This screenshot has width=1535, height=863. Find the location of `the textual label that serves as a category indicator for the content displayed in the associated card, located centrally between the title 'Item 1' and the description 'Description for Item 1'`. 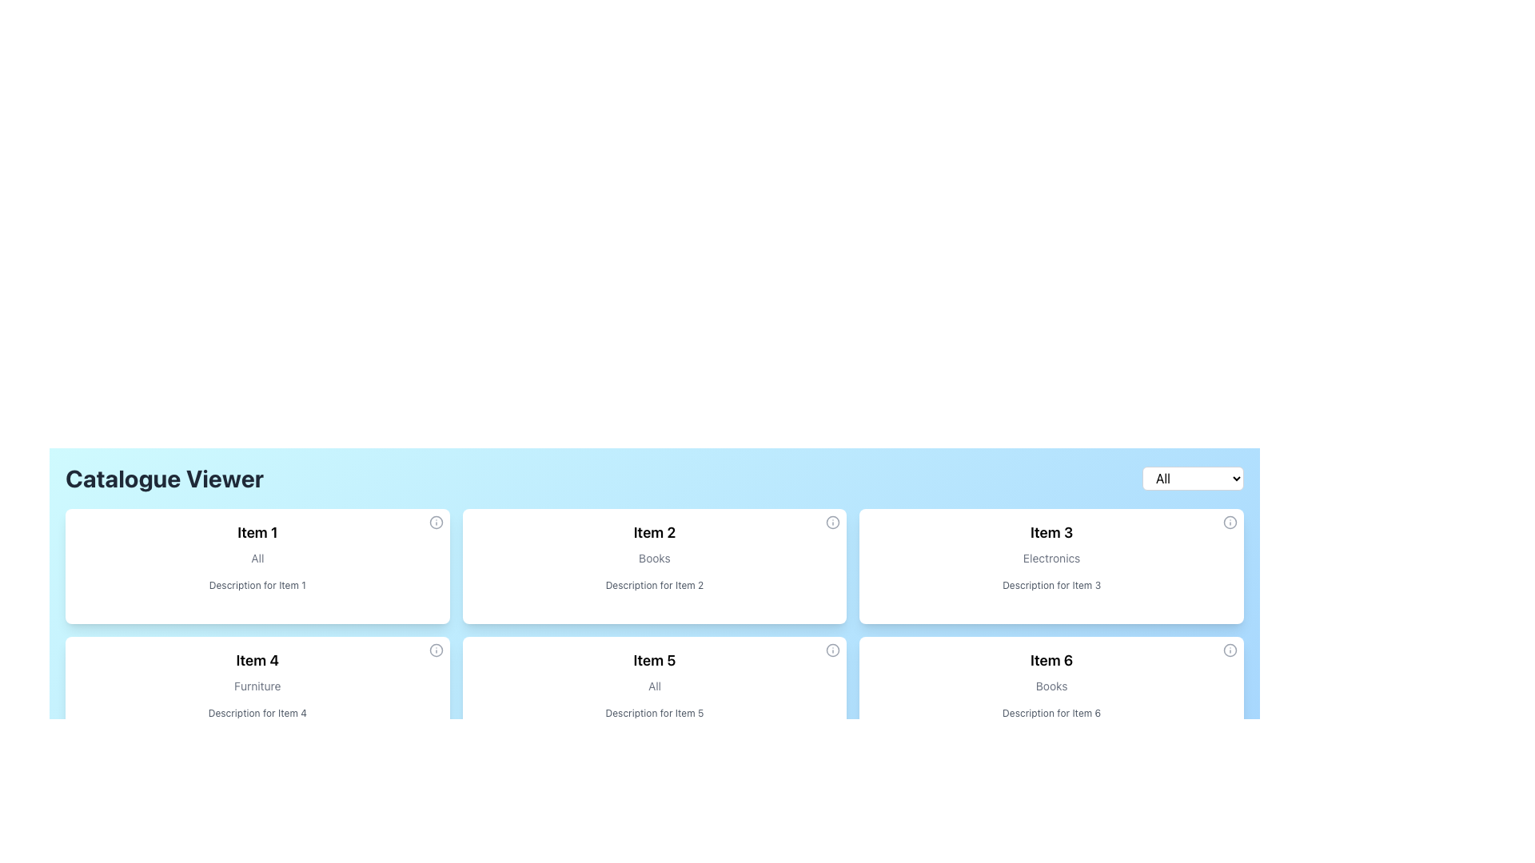

the textual label that serves as a category indicator for the content displayed in the associated card, located centrally between the title 'Item 1' and the description 'Description for Item 1' is located at coordinates (257, 557).